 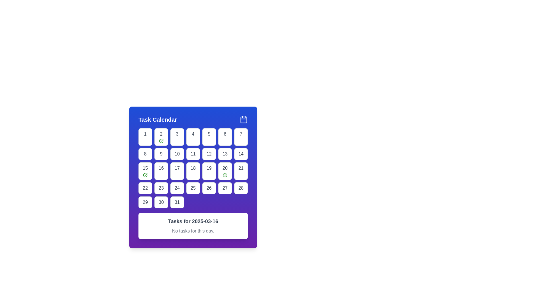 I want to click on the text label representing the date '20' in the calendar interface, located in the sixth cell of the third row, so click(x=225, y=168).